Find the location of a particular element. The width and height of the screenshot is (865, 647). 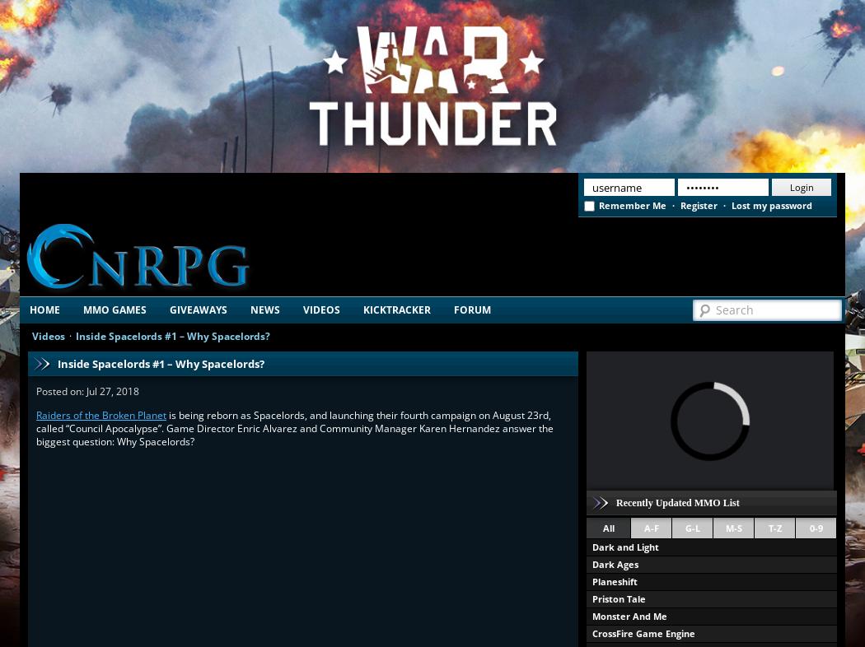

'Forum' is located at coordinates (471, 310).